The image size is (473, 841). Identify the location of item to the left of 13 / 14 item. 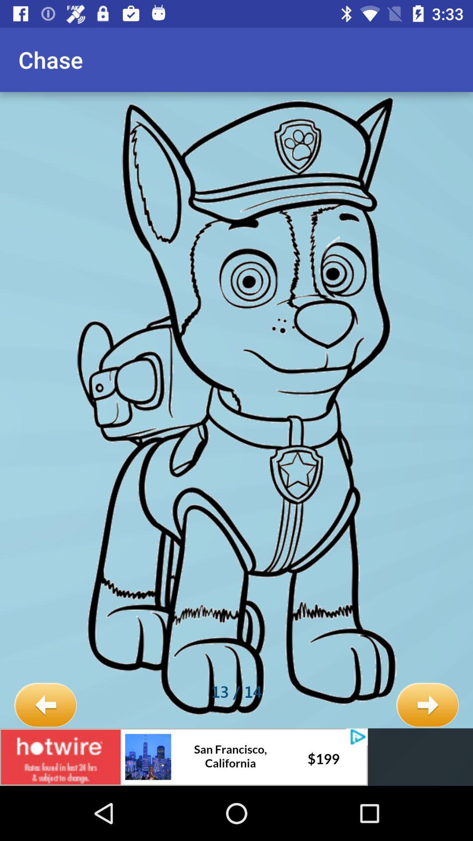
(45, 705).